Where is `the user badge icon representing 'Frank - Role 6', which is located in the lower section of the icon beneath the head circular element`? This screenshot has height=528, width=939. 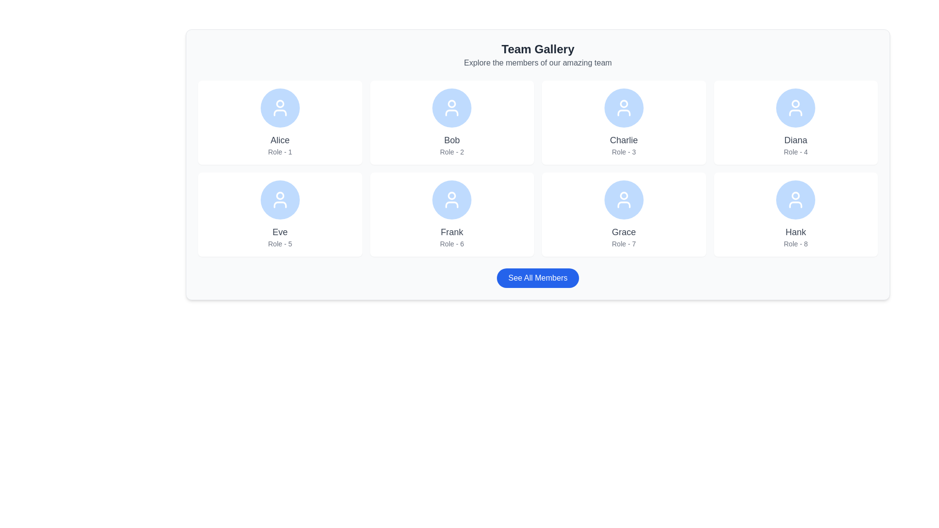 the user badge icon representing 'Frank - Role 6', which is located in the lower section of the icon beneath the head circular element is located at coordinates (451, 204).